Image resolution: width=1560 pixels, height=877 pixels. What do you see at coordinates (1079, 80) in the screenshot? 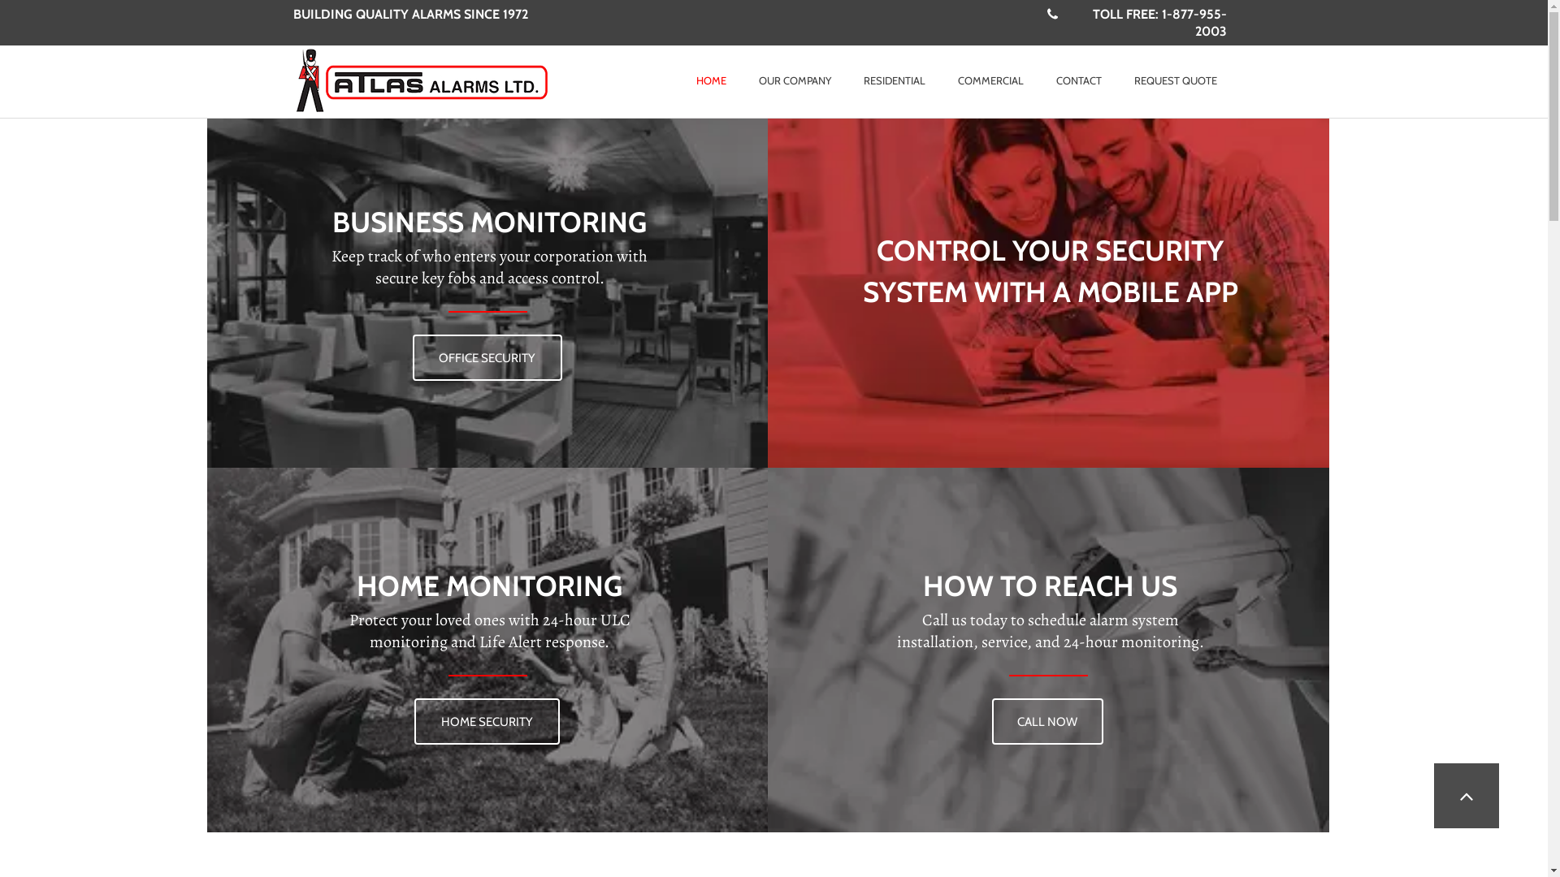
I see `'CONTACT'` at bounding box center [1079, 80].